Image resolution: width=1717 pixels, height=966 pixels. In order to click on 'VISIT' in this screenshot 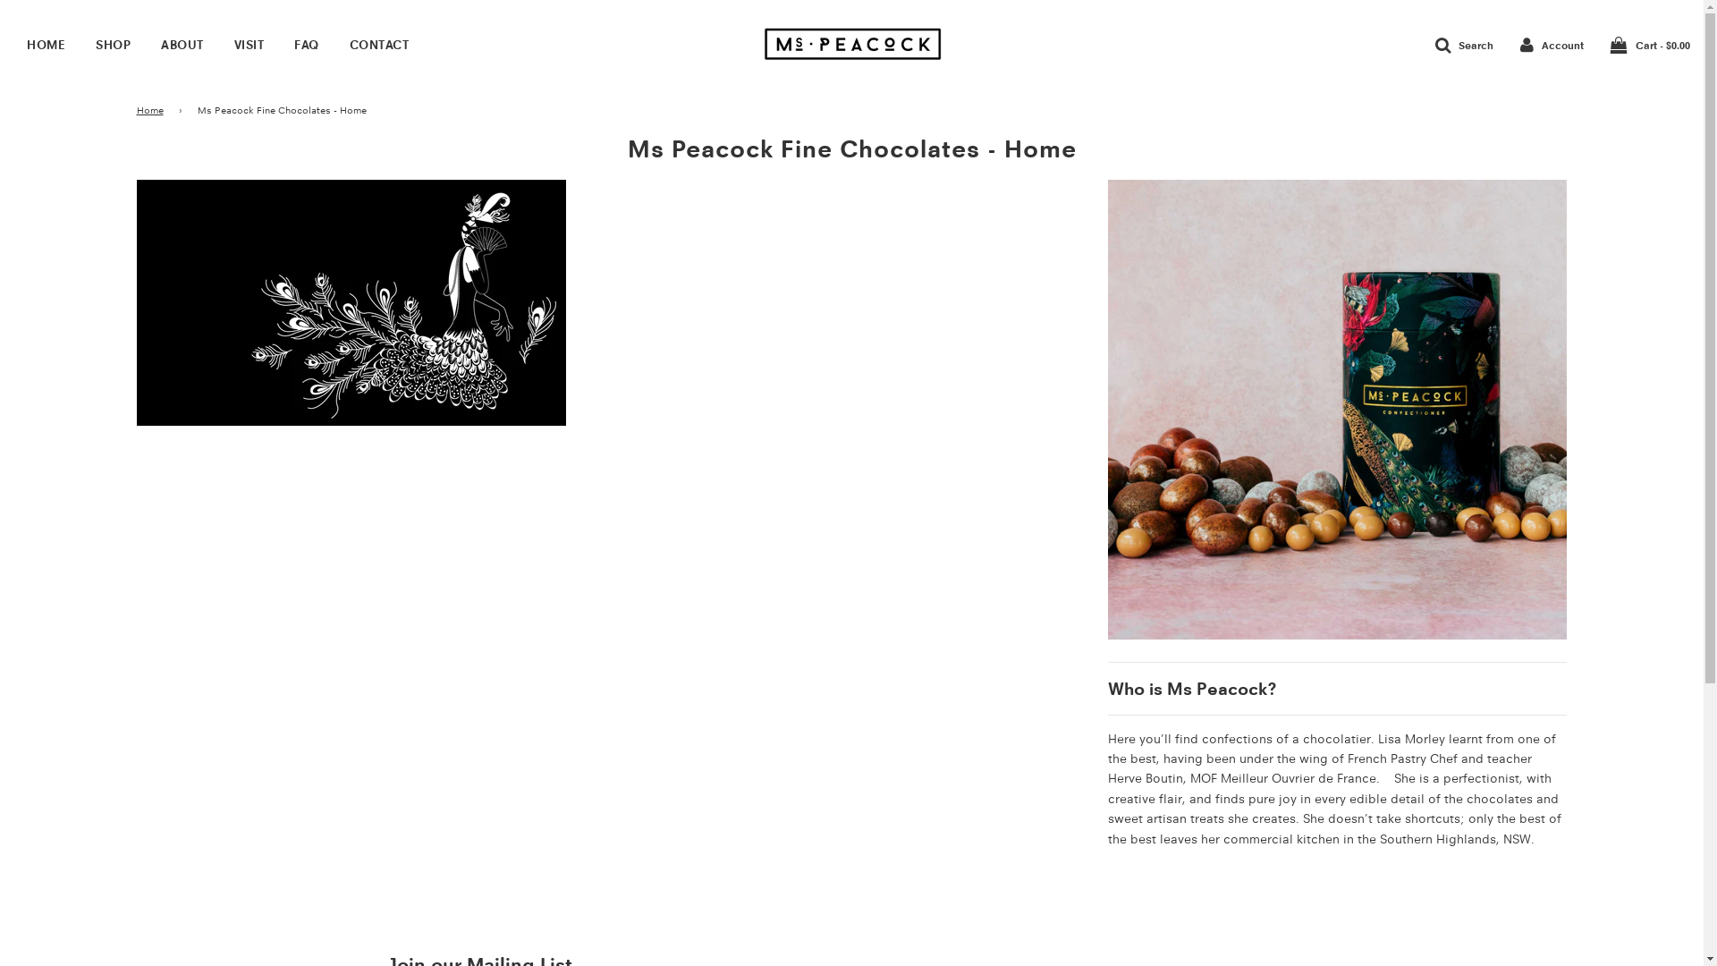, I will do `click(218, 44)`.